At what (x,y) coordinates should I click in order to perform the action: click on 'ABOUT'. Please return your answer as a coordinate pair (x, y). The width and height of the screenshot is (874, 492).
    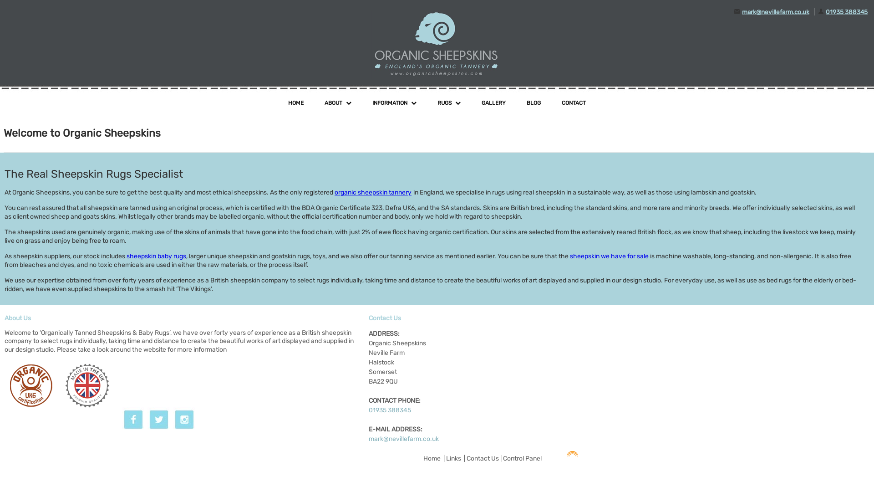
    Looking at the image, I should click on (314, 102).